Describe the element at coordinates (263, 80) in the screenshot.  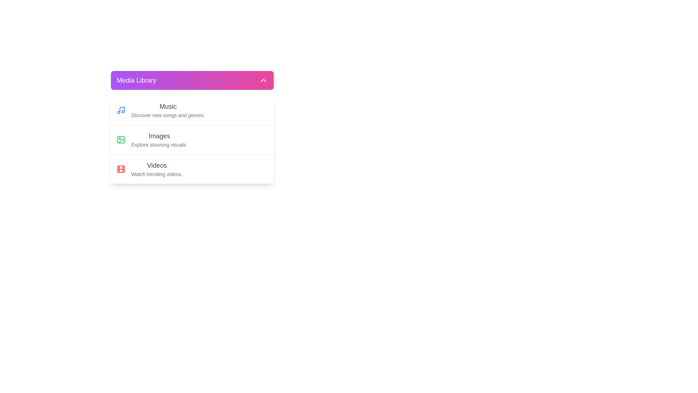
I see `the small upward-pointing chevron icon with a gradient background near the top-right corner of the 'Media Library' header bar` at that location.